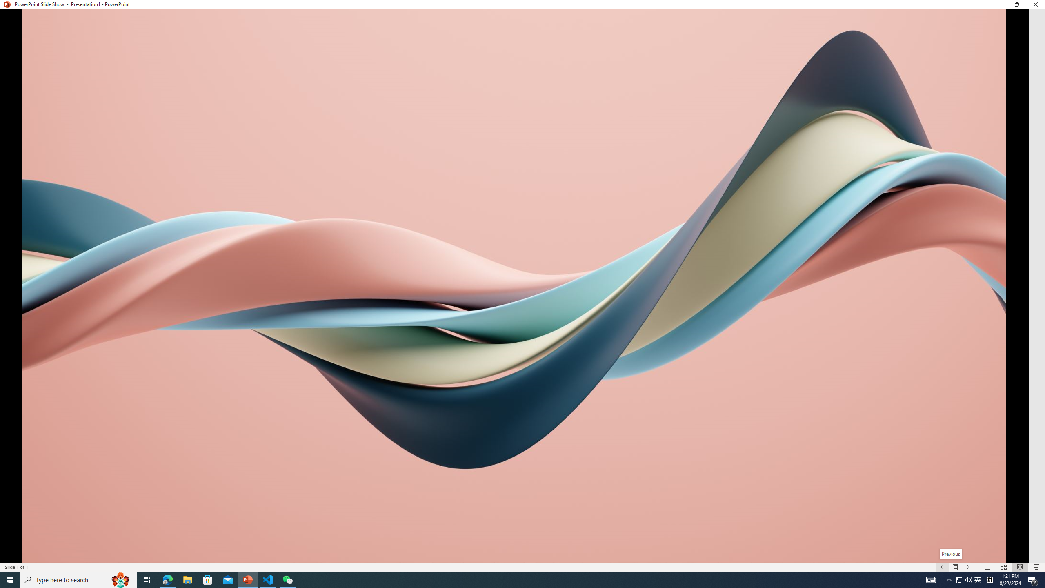  Describe the element at coordinates (968, 567) in the screenshot. I see `'Slide Show Next On'` at that location.